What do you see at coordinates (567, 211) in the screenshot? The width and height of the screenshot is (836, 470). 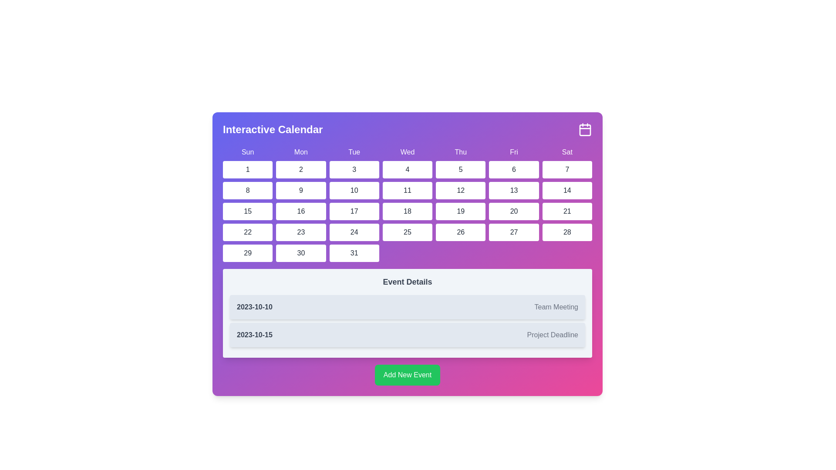 I see `the button representing the date '21' in the interactive calendar` at bounding box center [567, 211].